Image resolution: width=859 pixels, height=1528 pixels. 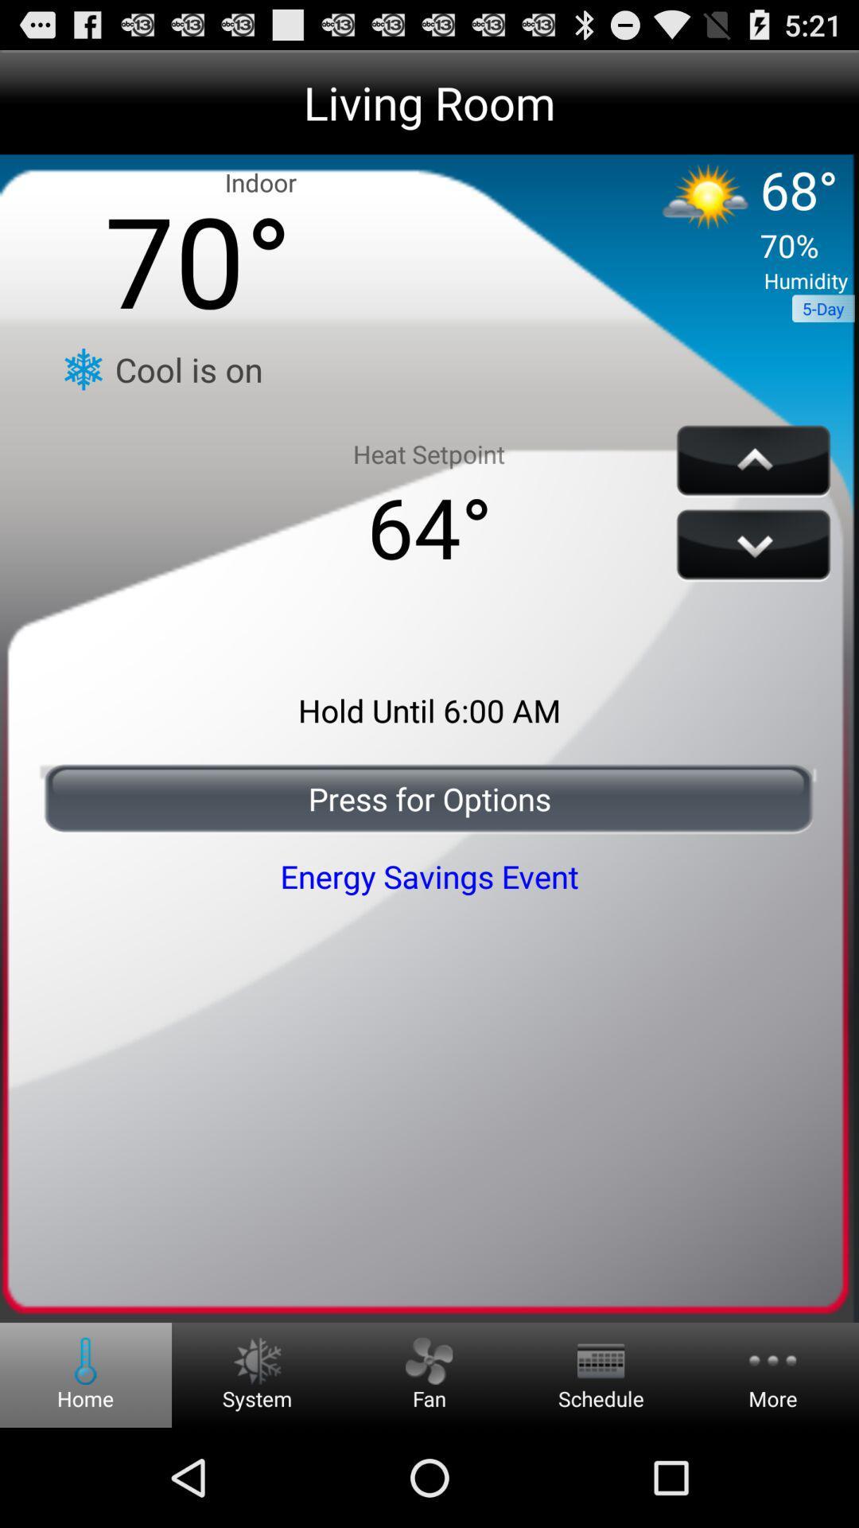 What do you see at coordinates (428, 1360) in the screenshot?
I see `the fan button` at bounding box center [428, 1360].